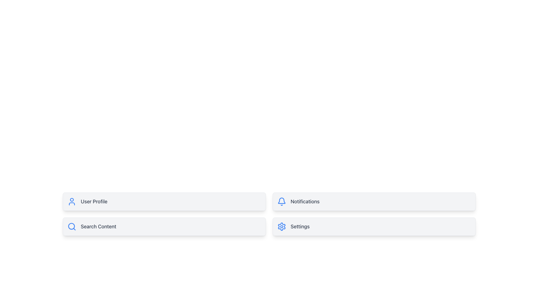  I want to click on the 'Notifications' text label which is displayed in medium-sized, gray font, positioned immediately to the right of a bell icon in the top-right part of the UI, so click(305, 201).